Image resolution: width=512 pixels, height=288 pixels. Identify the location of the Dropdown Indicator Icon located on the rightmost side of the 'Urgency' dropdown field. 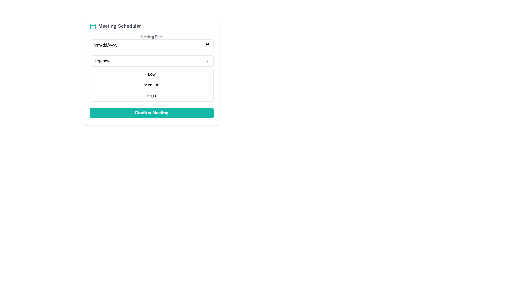
(207, 61).